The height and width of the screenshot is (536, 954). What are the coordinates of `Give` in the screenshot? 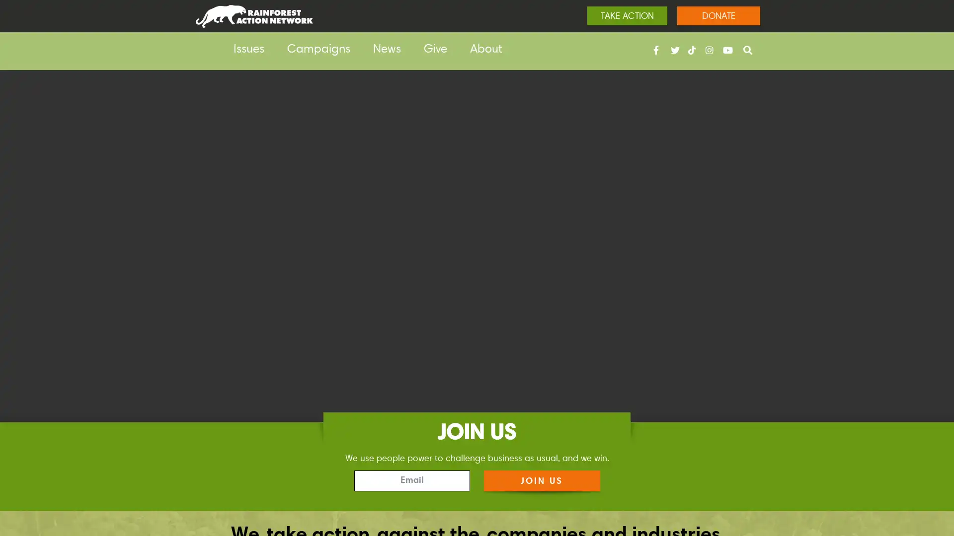 It's located at (435, 50).